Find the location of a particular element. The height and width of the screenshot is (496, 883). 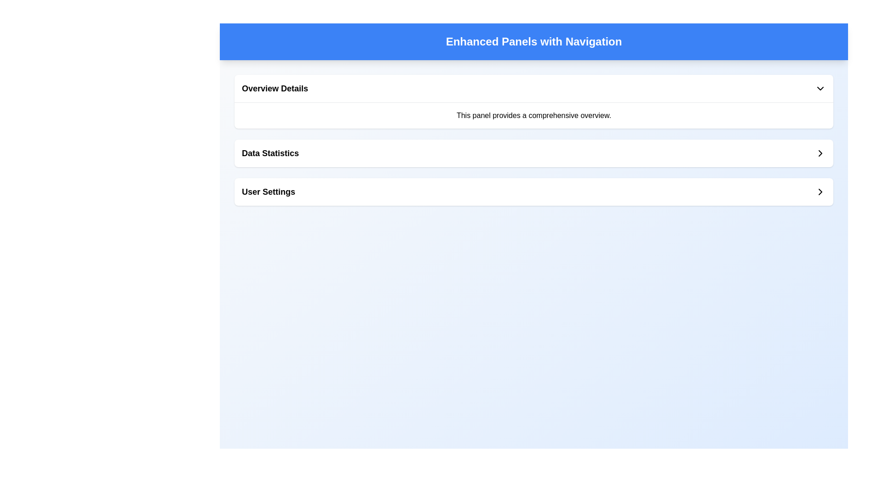

'Overview Details' text label, which is prominently displayed in the header section and styled in bold with a semibold font weight, for debugging purposes is located at coordinates (275, 88).